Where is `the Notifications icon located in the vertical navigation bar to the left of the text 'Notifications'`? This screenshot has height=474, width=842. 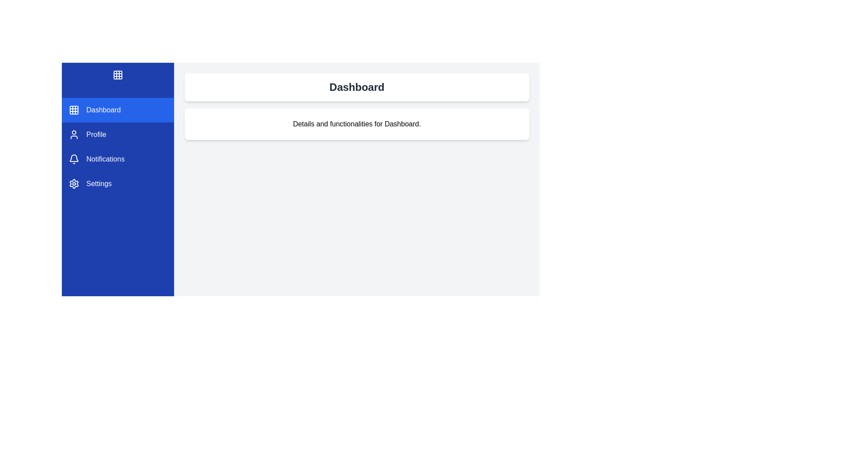
the Notifications icon located in the vertical navigation bar to the left of the text 'Notifications' is located at coordinates (74, 159).